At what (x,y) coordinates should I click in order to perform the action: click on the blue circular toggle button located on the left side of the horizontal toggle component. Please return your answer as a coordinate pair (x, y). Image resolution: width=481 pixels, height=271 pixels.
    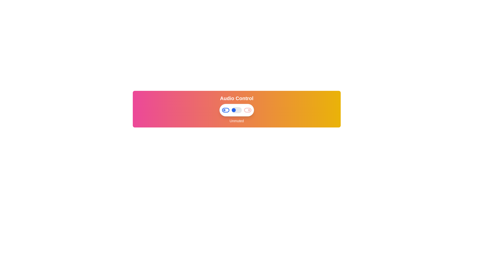
    Looking at the image, I should click on (225, 110).